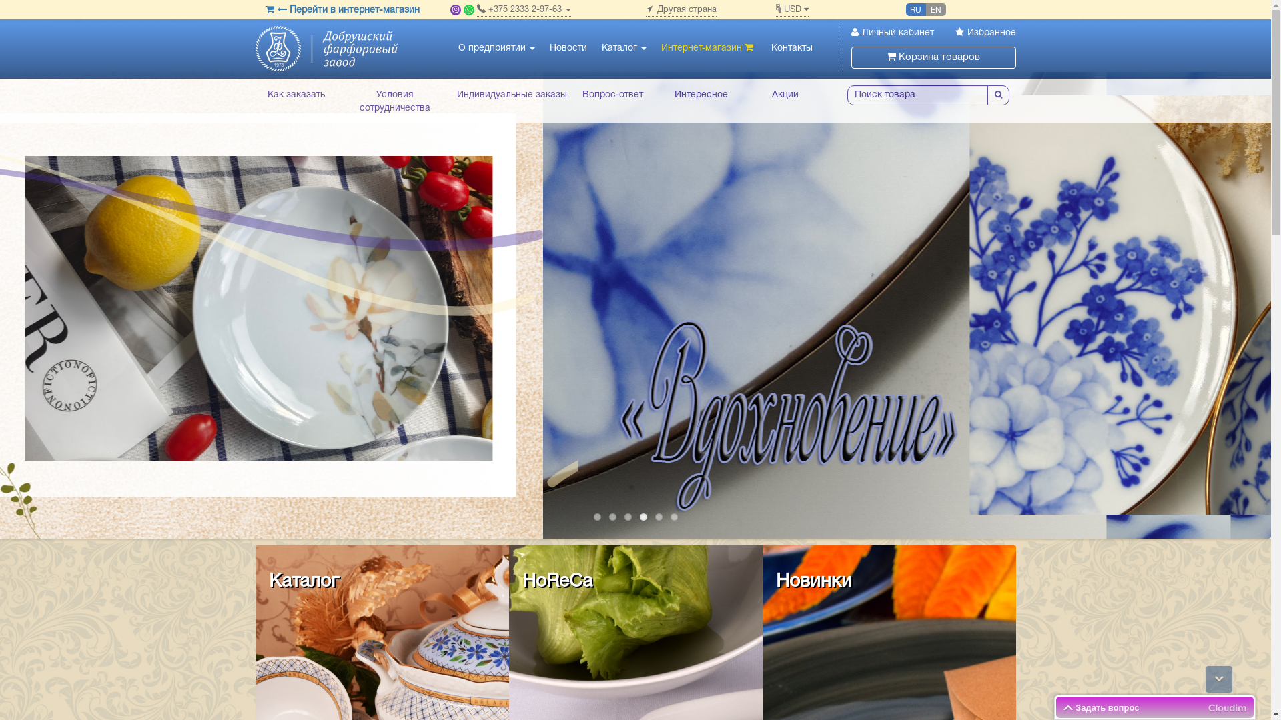 This screenshot has height=720, width=1281. Describe the element at coordinates (791, 10) in the screenshot. I see `'USD'` at that location.